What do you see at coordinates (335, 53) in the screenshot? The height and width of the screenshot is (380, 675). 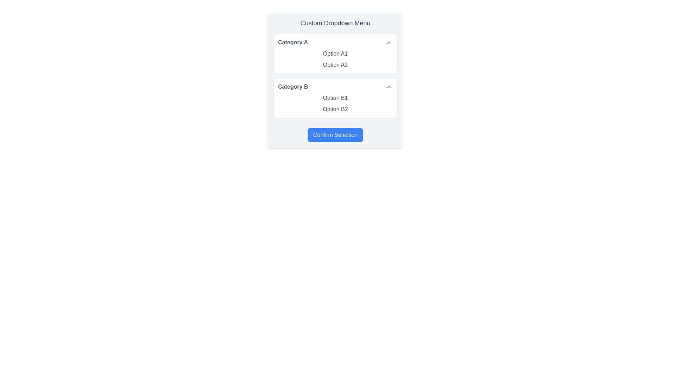 I see `the text label 'Option A1' in the 'Category A' dropdown menu` at bounding box center [335, 53].